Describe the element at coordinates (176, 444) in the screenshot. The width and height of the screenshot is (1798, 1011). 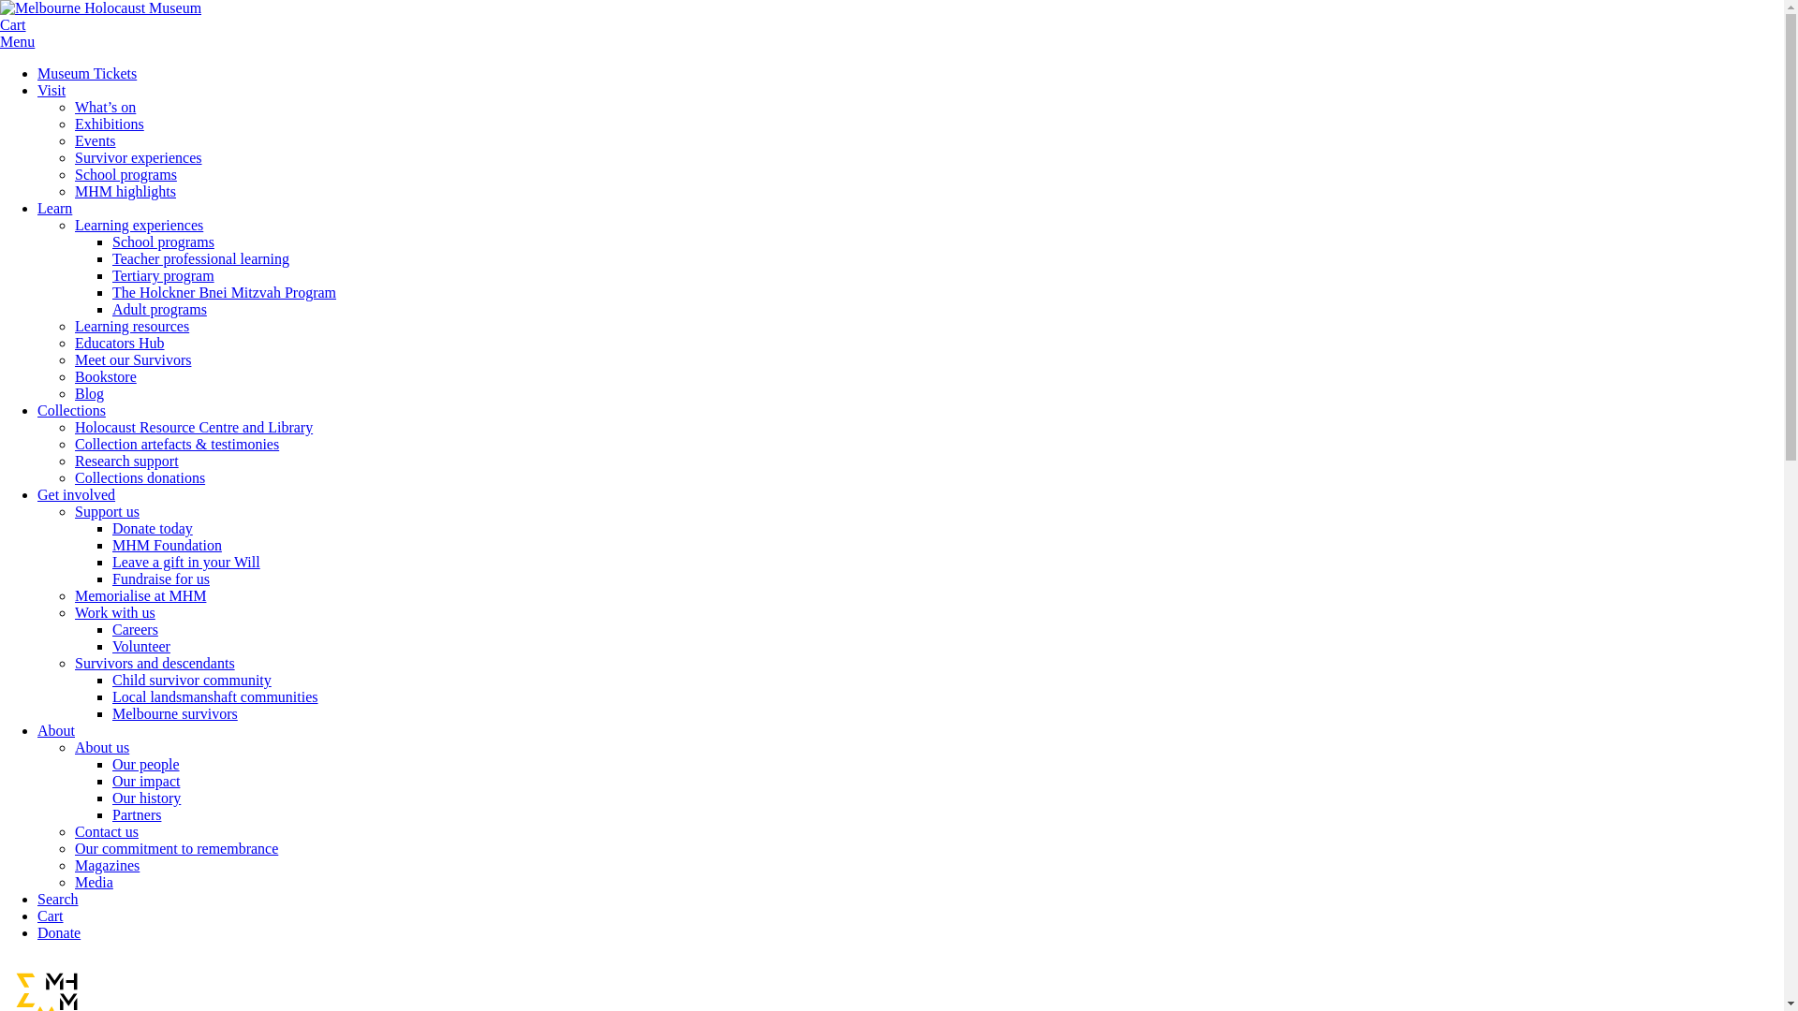
I see `'Collection artefacts & testimonies'` at that location.